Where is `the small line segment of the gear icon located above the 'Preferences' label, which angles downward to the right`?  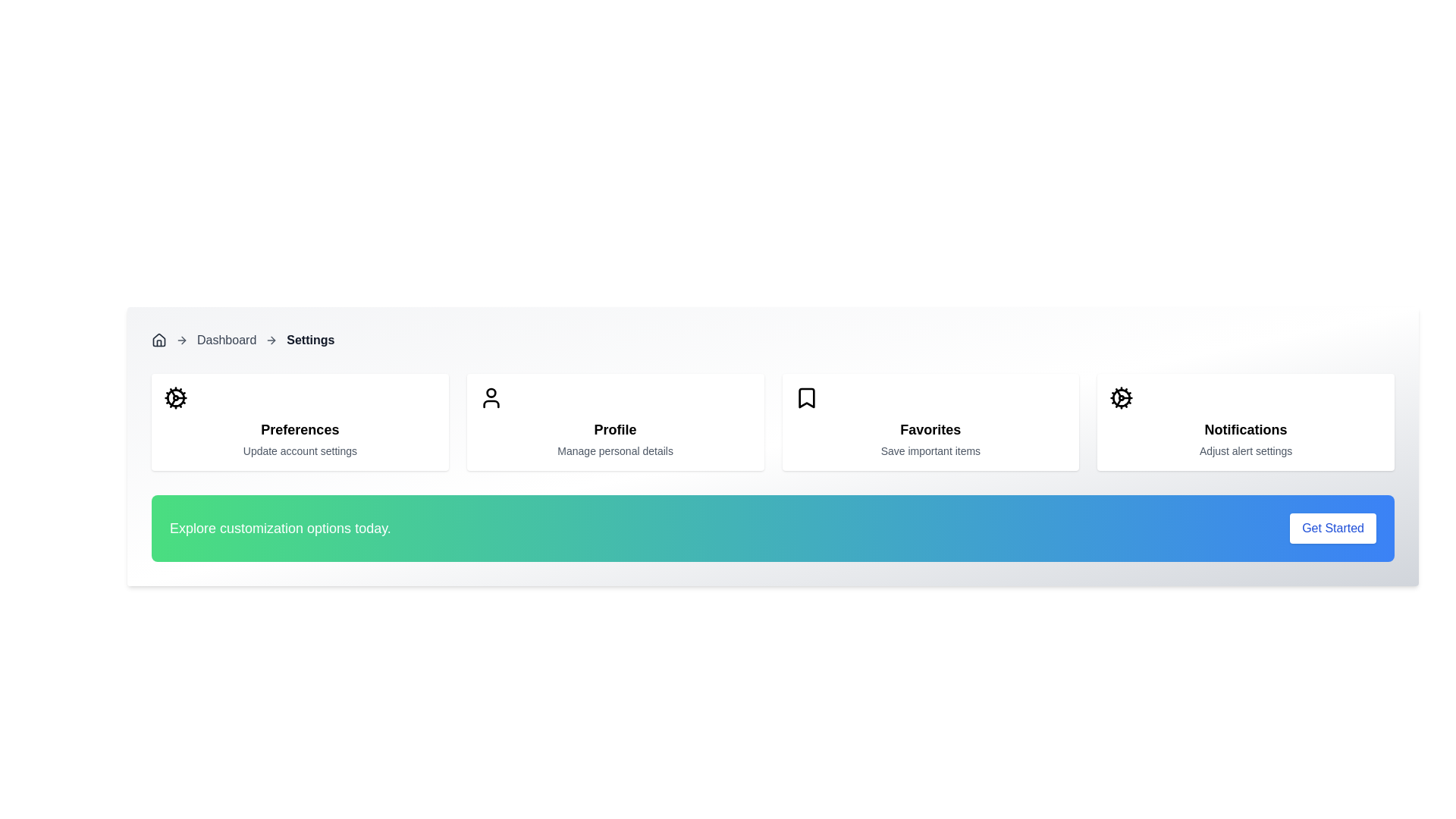
the small line segment of the gear icon located above the 'Preferences' label, which angles downward to the right is located at coordinates (172, 402).